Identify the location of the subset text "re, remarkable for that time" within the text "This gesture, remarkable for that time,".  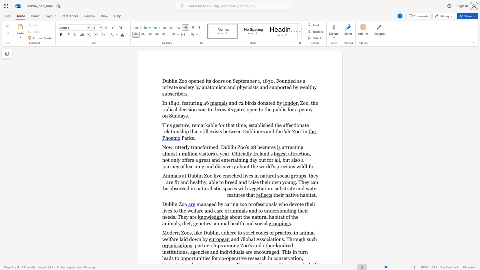
(184, 125).